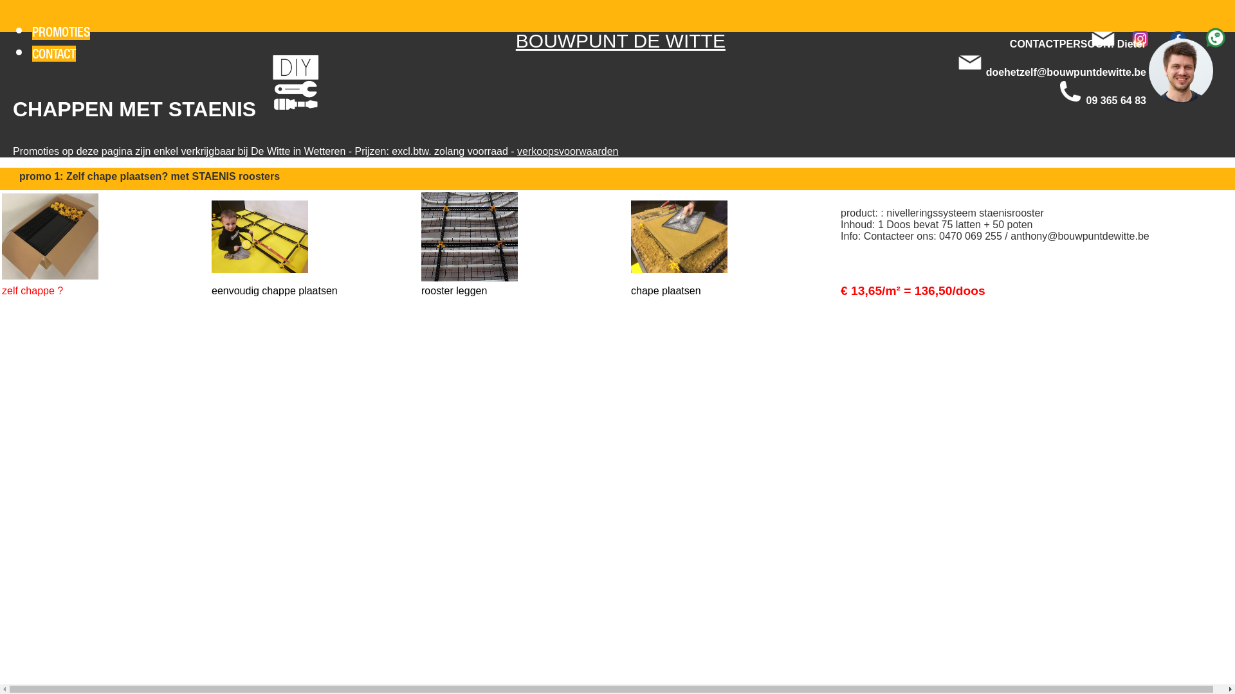  Describe the element at coordinates (567, 150) in the screenshot. I see `'verkoopsvoorwaarden'` at that location.